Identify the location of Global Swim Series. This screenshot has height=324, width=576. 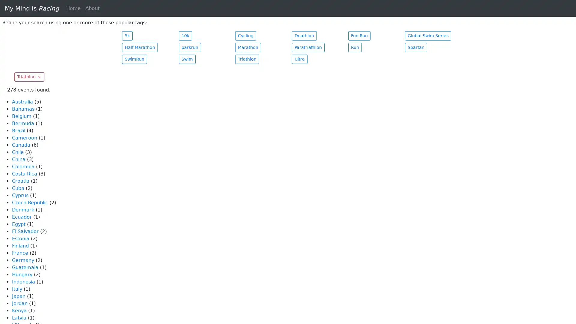
(427, 36).